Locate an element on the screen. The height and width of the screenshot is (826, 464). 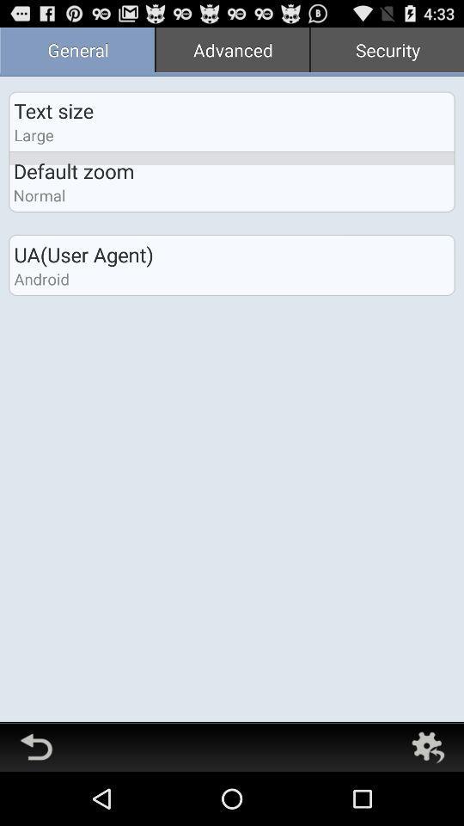
the app next to the advanced item is located at coordinates (76, 51).